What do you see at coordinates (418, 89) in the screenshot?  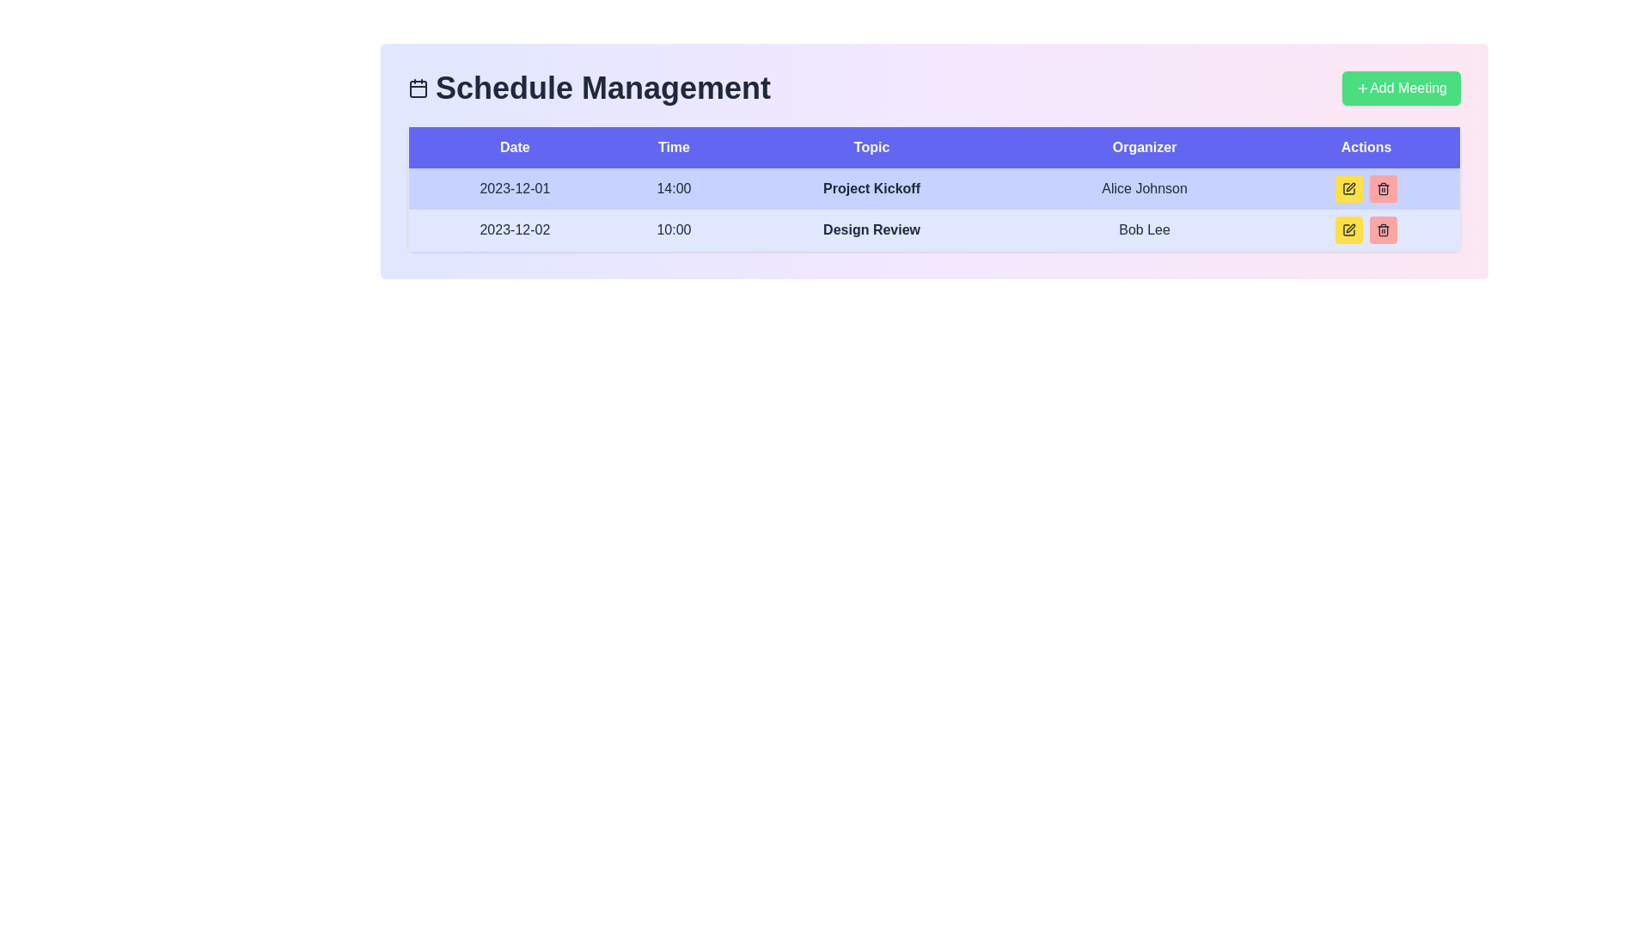 I see `the central rectangular area of the calendar icon, which represents the main body of the calendar layout` at bounding box center [418, 89].